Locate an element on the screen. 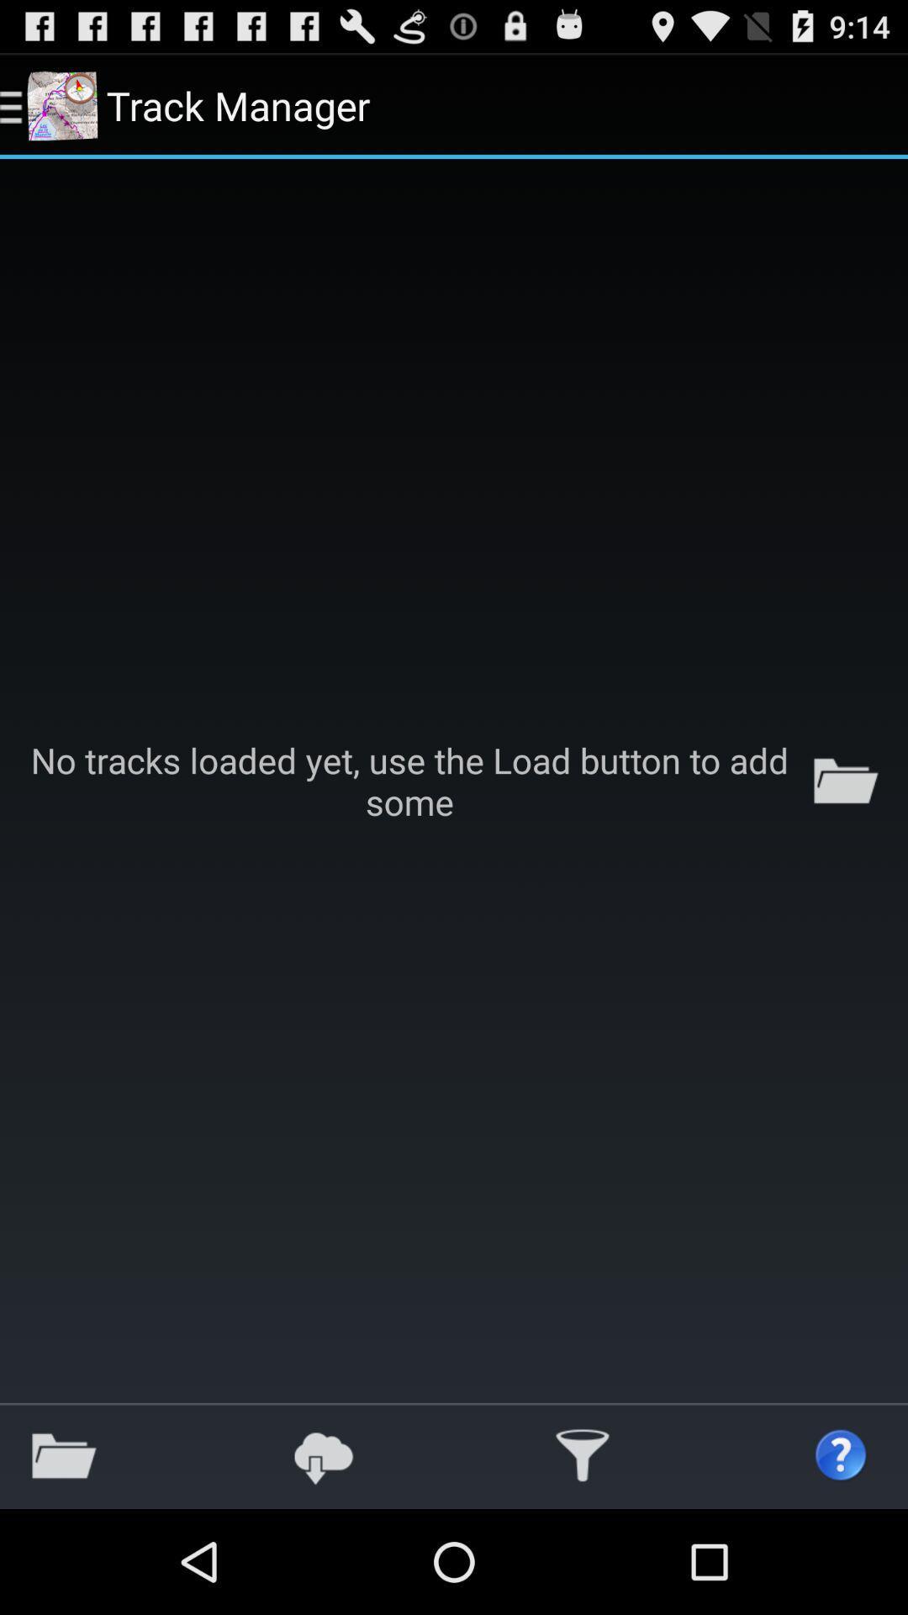 Image resolution: width=908 pixels, height=1615 pixels. the icon at the center is located at coordinates (454, 780).